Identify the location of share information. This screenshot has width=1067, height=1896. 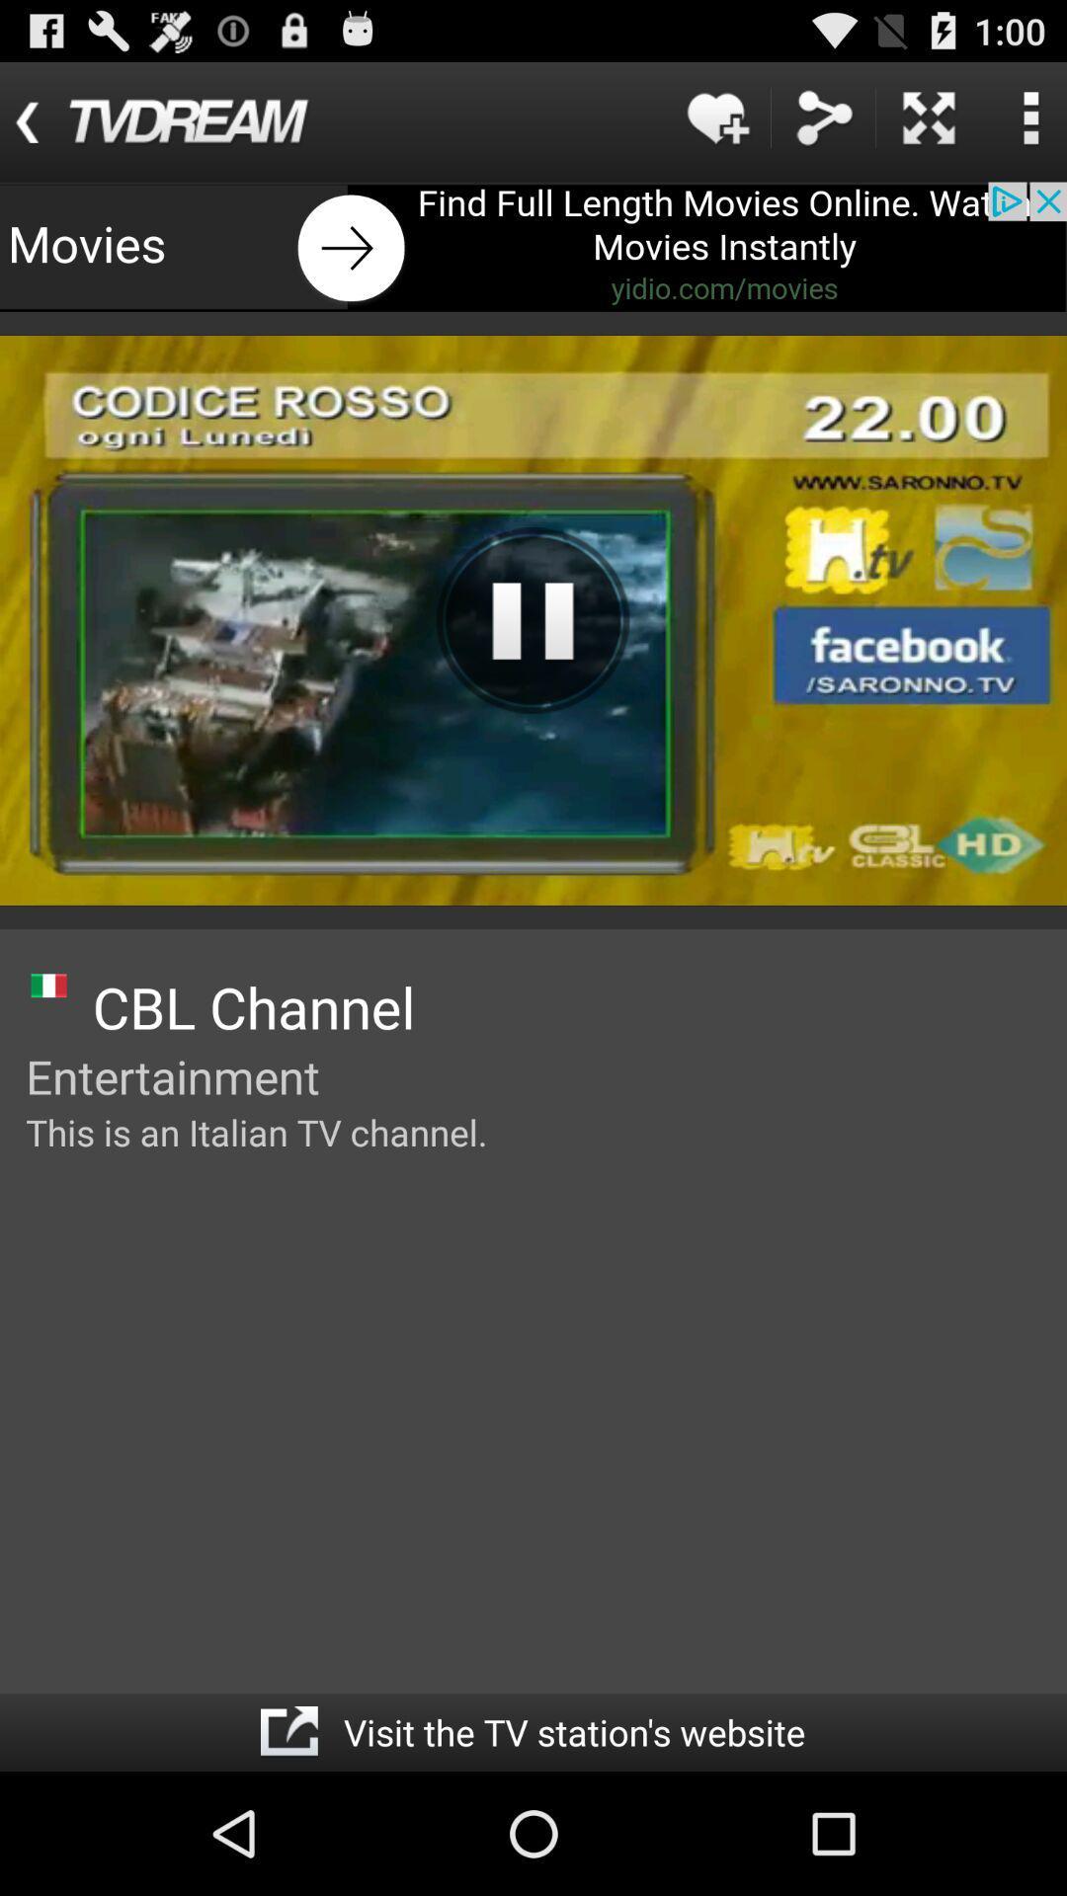
(823, 117).